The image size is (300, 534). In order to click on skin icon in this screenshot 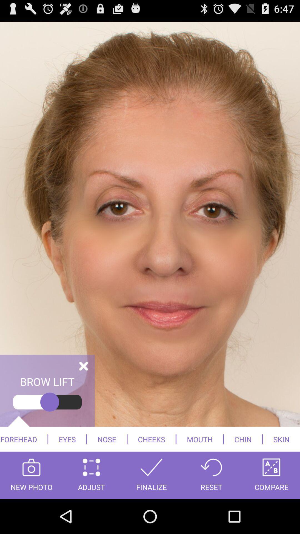, I will do `click(281, 439)`.